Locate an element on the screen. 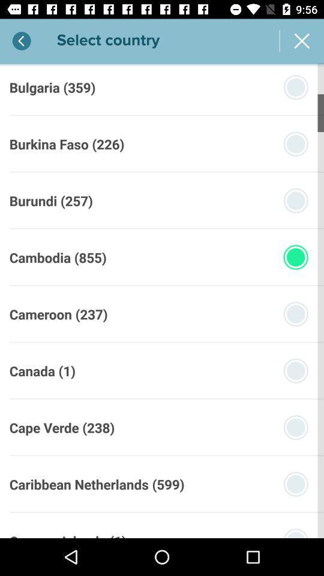  burkina faso (226) is located at coordinates (67, 144).